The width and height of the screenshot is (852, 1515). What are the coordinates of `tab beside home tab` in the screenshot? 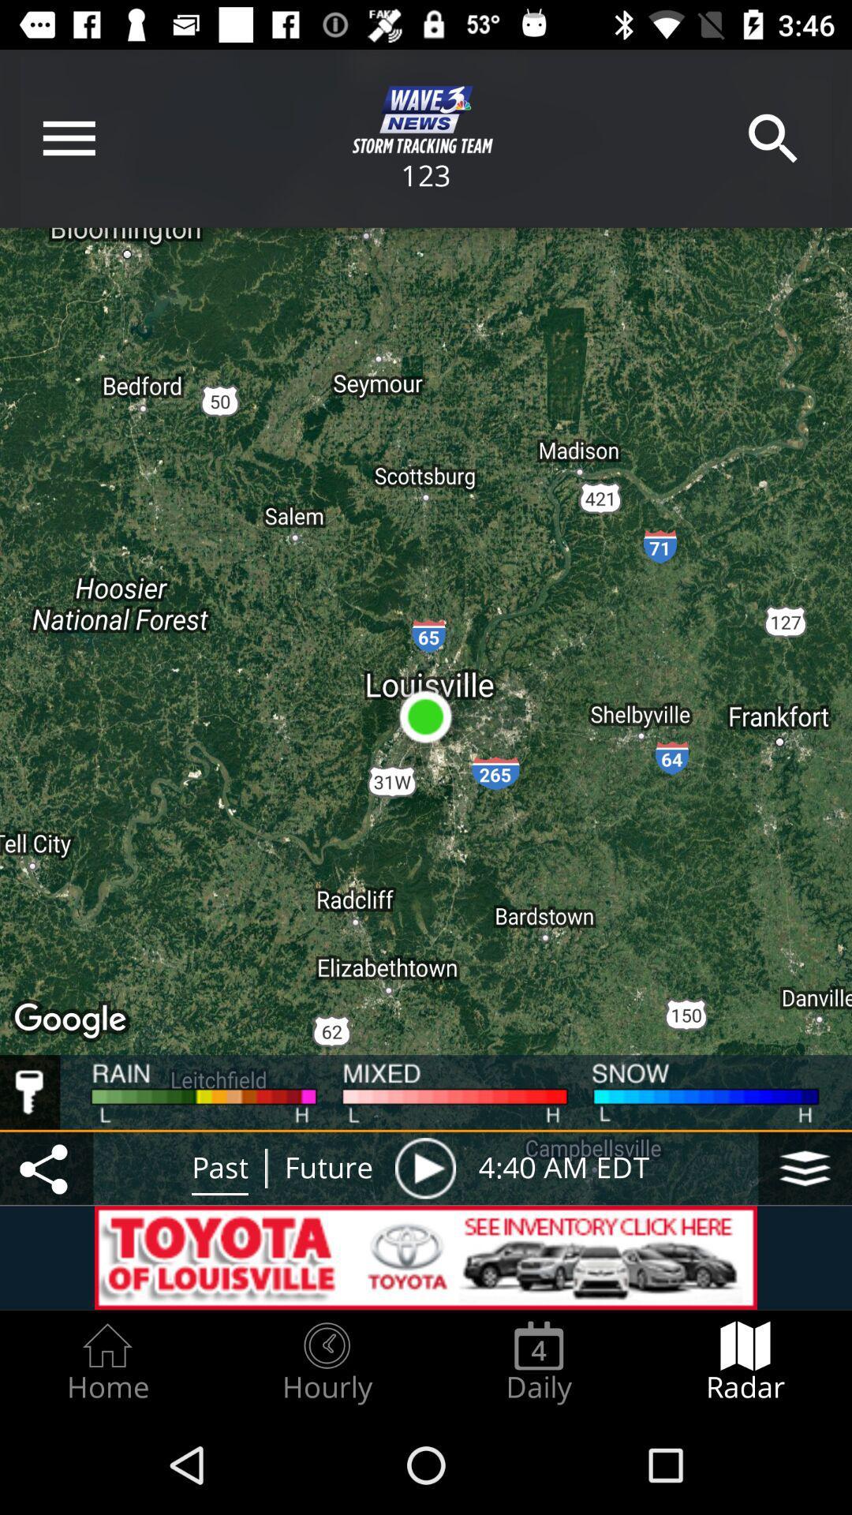 It's located at (327, 1362).